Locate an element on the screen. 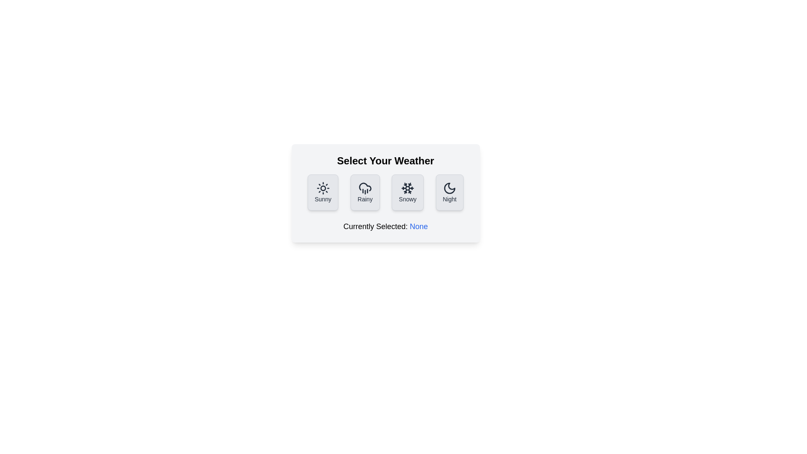 This screenshot has width=807, height=454. the interactive card with selectable options located centrally in the interface is located at coordinates (385, 193).